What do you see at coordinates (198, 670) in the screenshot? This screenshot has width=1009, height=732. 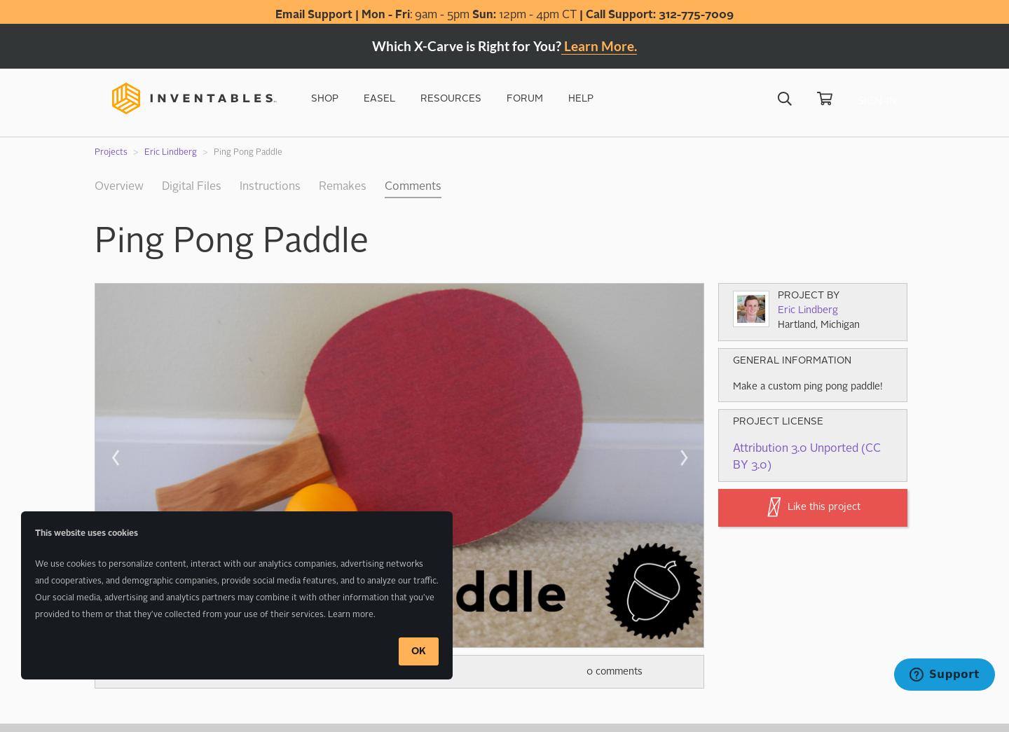 I see `'28 likes'` at bounding box center [198, 670].